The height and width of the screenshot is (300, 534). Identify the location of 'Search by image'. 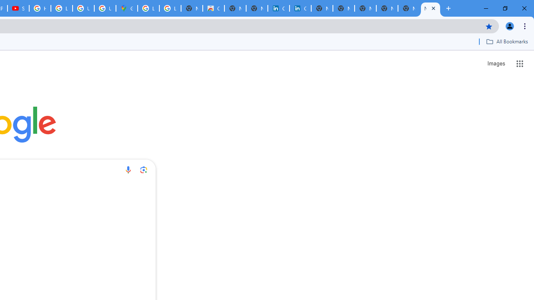
(144, 169).